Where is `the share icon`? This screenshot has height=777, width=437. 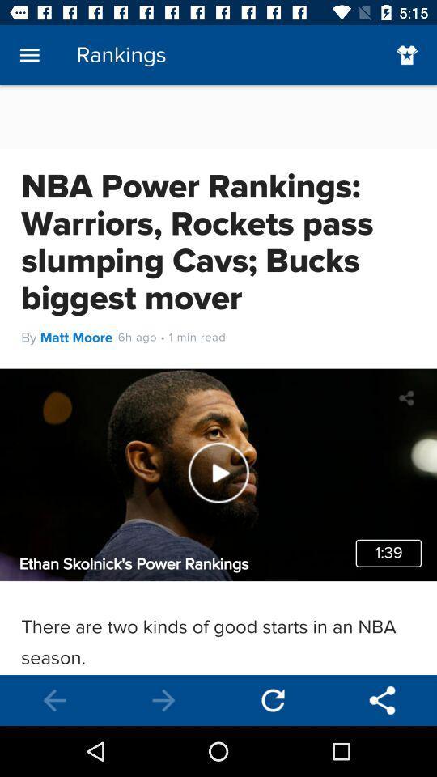 the share icon is located at coordinates (382, 699).